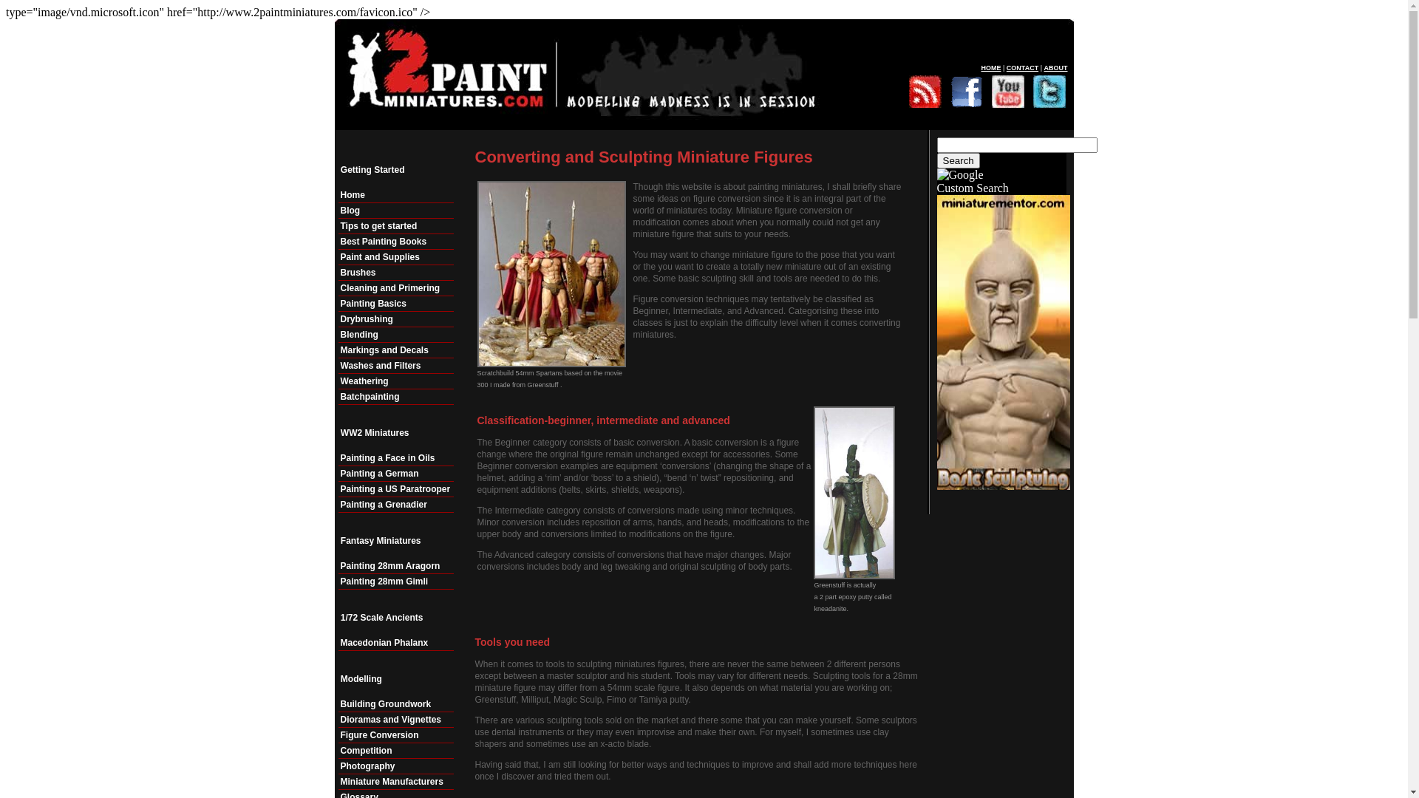 Image resolution: width=1419 pixels, height=798 pixels. I want to click on 'ABOUT', so click(1055, 68).